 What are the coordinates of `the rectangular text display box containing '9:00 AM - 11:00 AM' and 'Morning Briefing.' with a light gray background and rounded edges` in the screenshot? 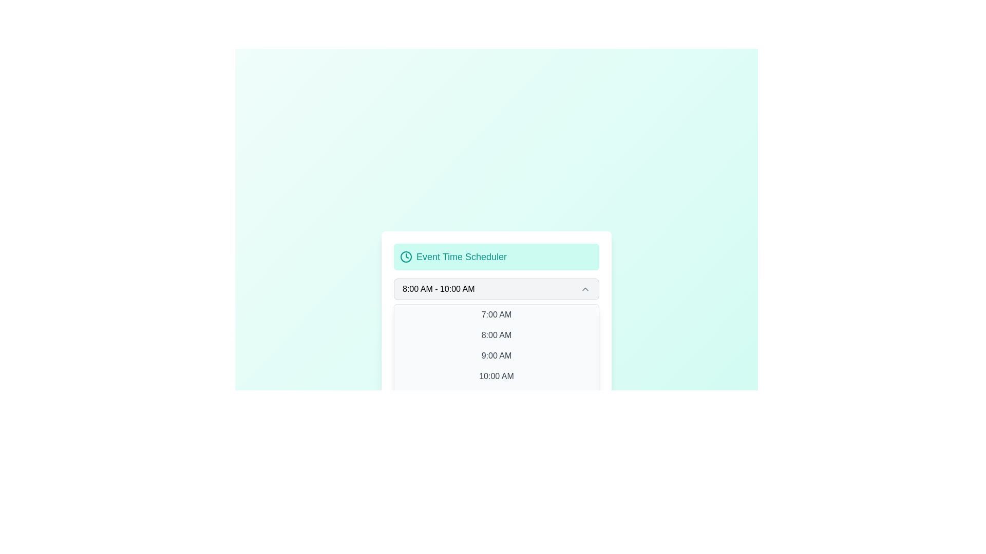 It's located at (496, 378).